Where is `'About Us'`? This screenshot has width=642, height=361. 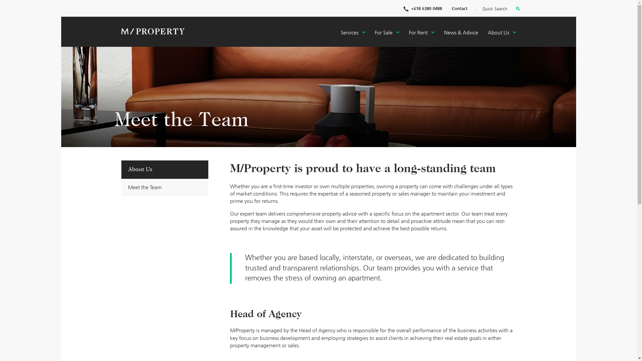
'About Us' is located at coordinates (501, 33).